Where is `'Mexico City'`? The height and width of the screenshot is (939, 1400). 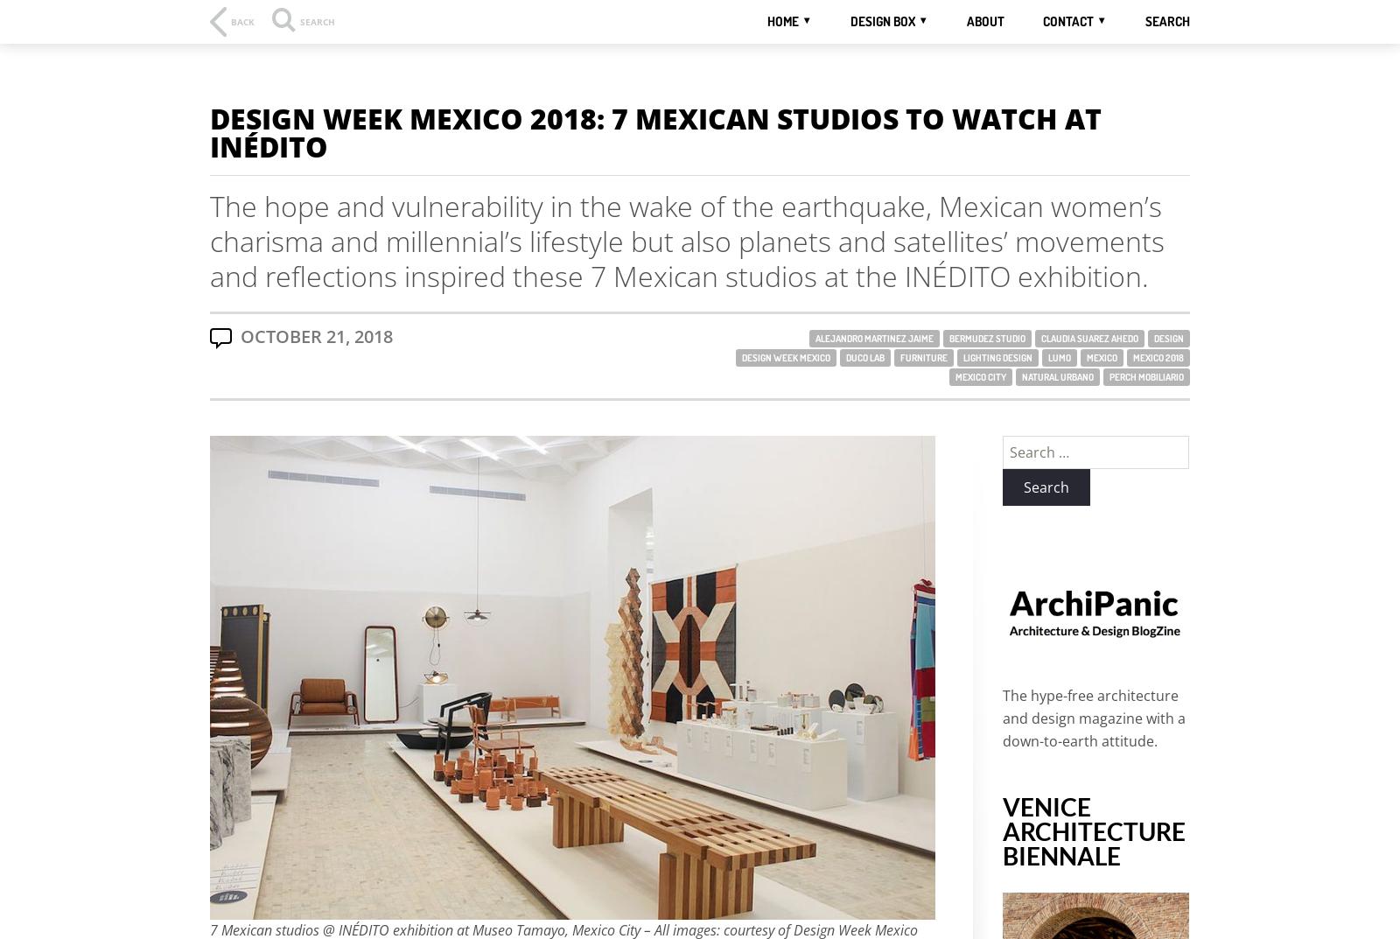
'Mexico City' is located at coordinates (980, 377).